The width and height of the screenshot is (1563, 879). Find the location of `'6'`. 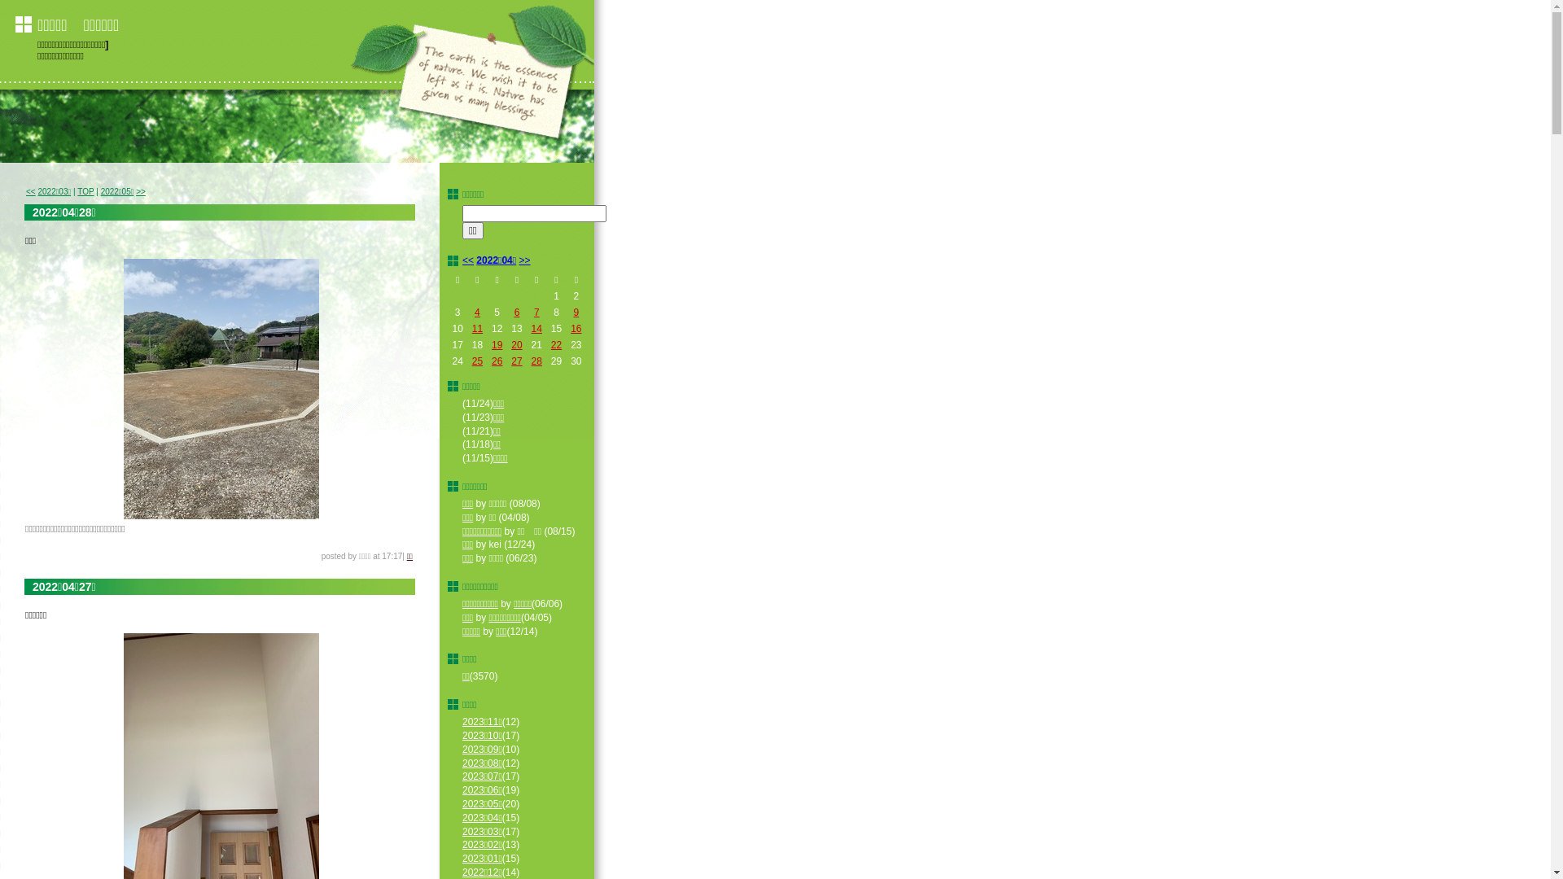

'6' is located at coordinates (516, 313).